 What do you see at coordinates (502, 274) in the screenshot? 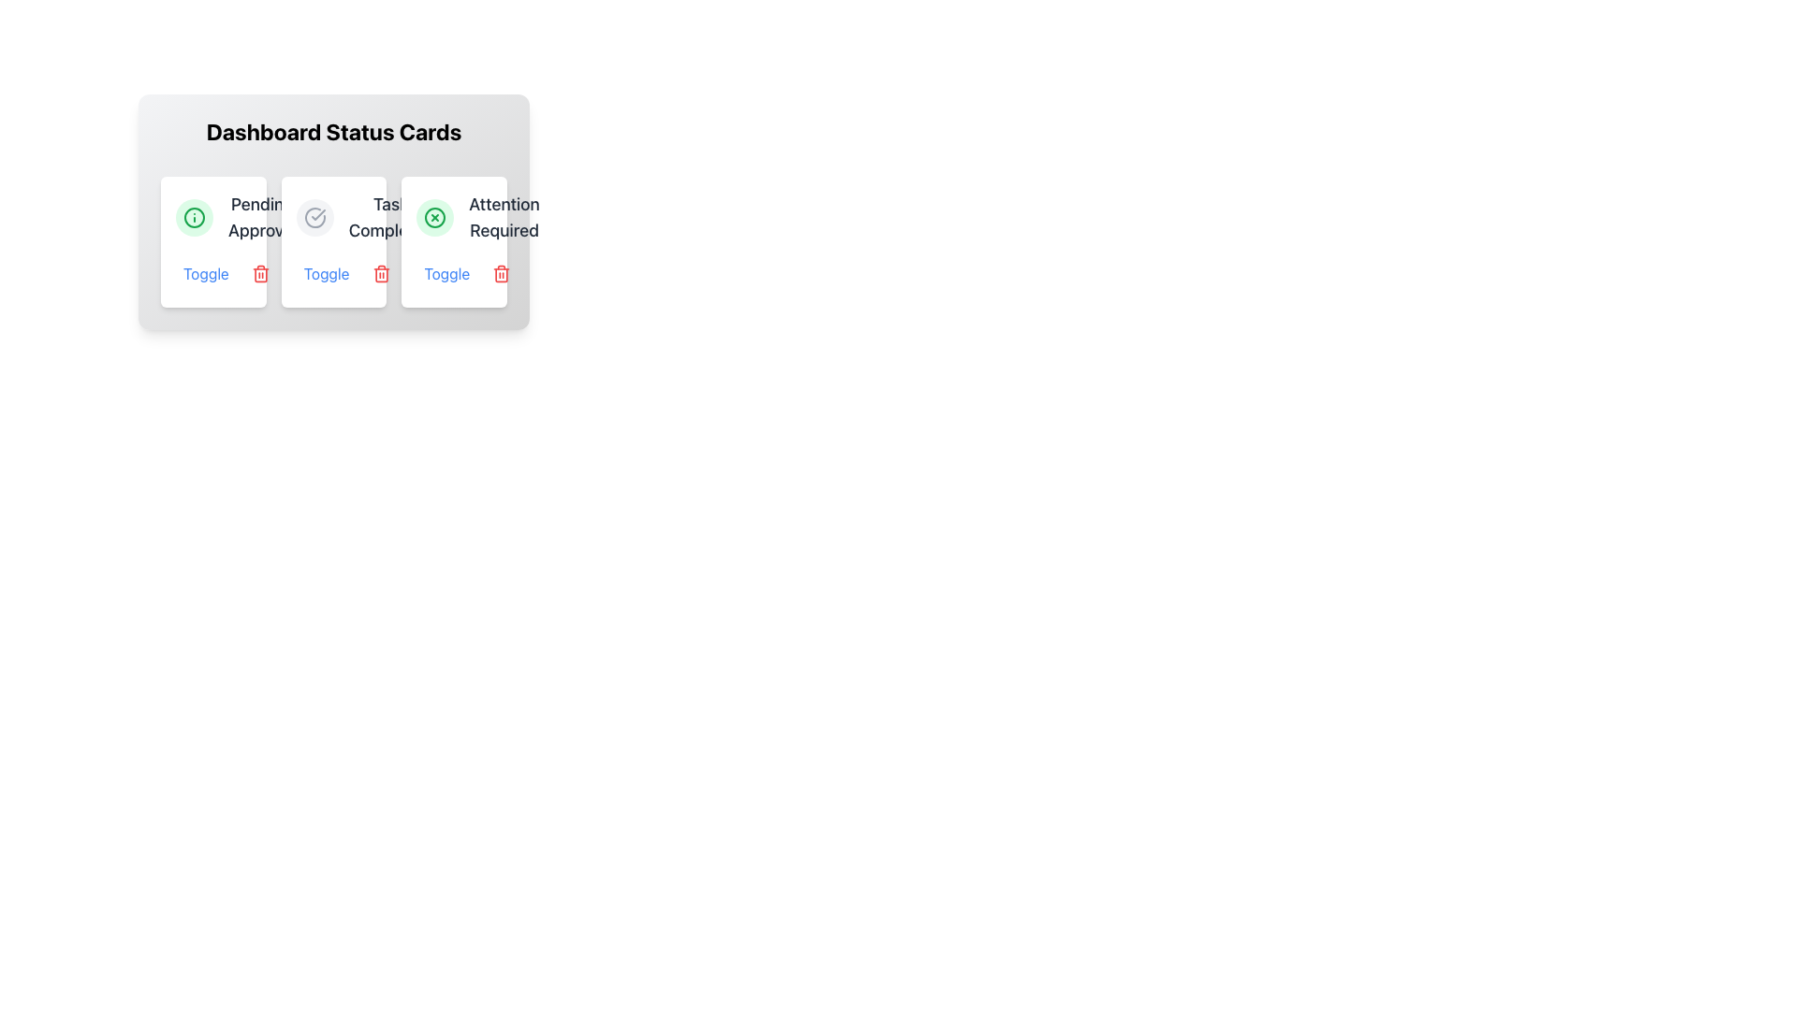
I see `the delete icon button located at the bottom right corner of the 'Attention Required' card in the 'Dashboard Status Cards' section` at bounding box center [502, 274].